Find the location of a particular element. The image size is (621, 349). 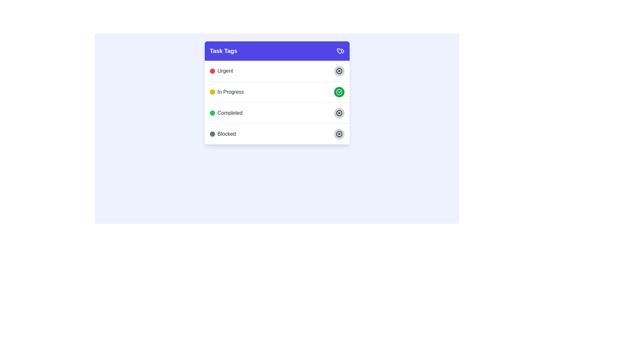

the 'Completed' row, which features a green circular icon and the word 'Completed' is located at coordinates (277, 112).